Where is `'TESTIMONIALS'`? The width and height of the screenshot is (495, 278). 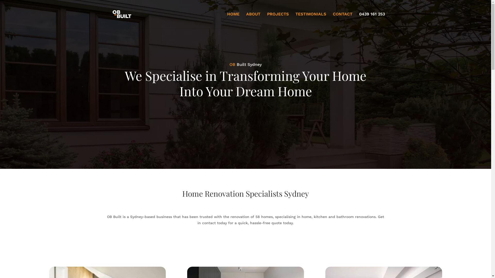 'TESTIMONIALS' is located at coordinates (310, 20).